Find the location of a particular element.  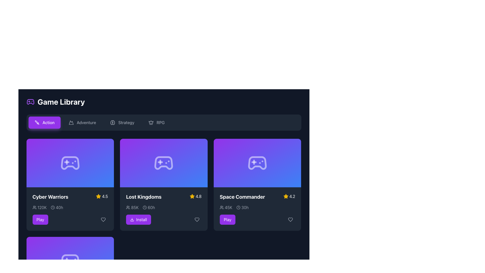

the text label indicating the number of users for the 'Lost Kingdoms' game, located in the lower section of its card next to a user icon is located at coordinates (135, 208).